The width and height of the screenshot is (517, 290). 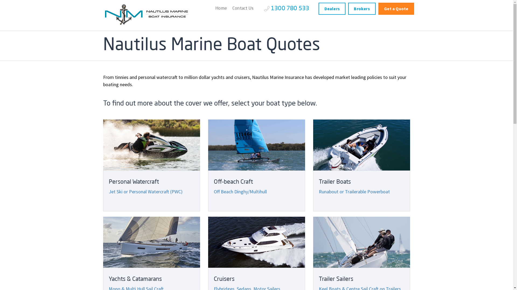 What do you see at coordinates (151, 165) in the screenshot?
I see `'Personal Watercraft` at bounding box center [151, 165].